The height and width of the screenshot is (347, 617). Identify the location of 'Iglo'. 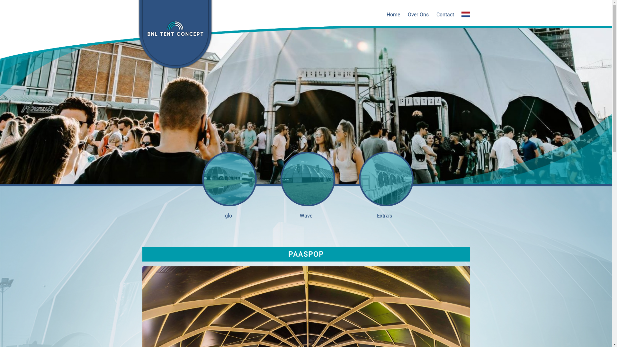
(228, 185).